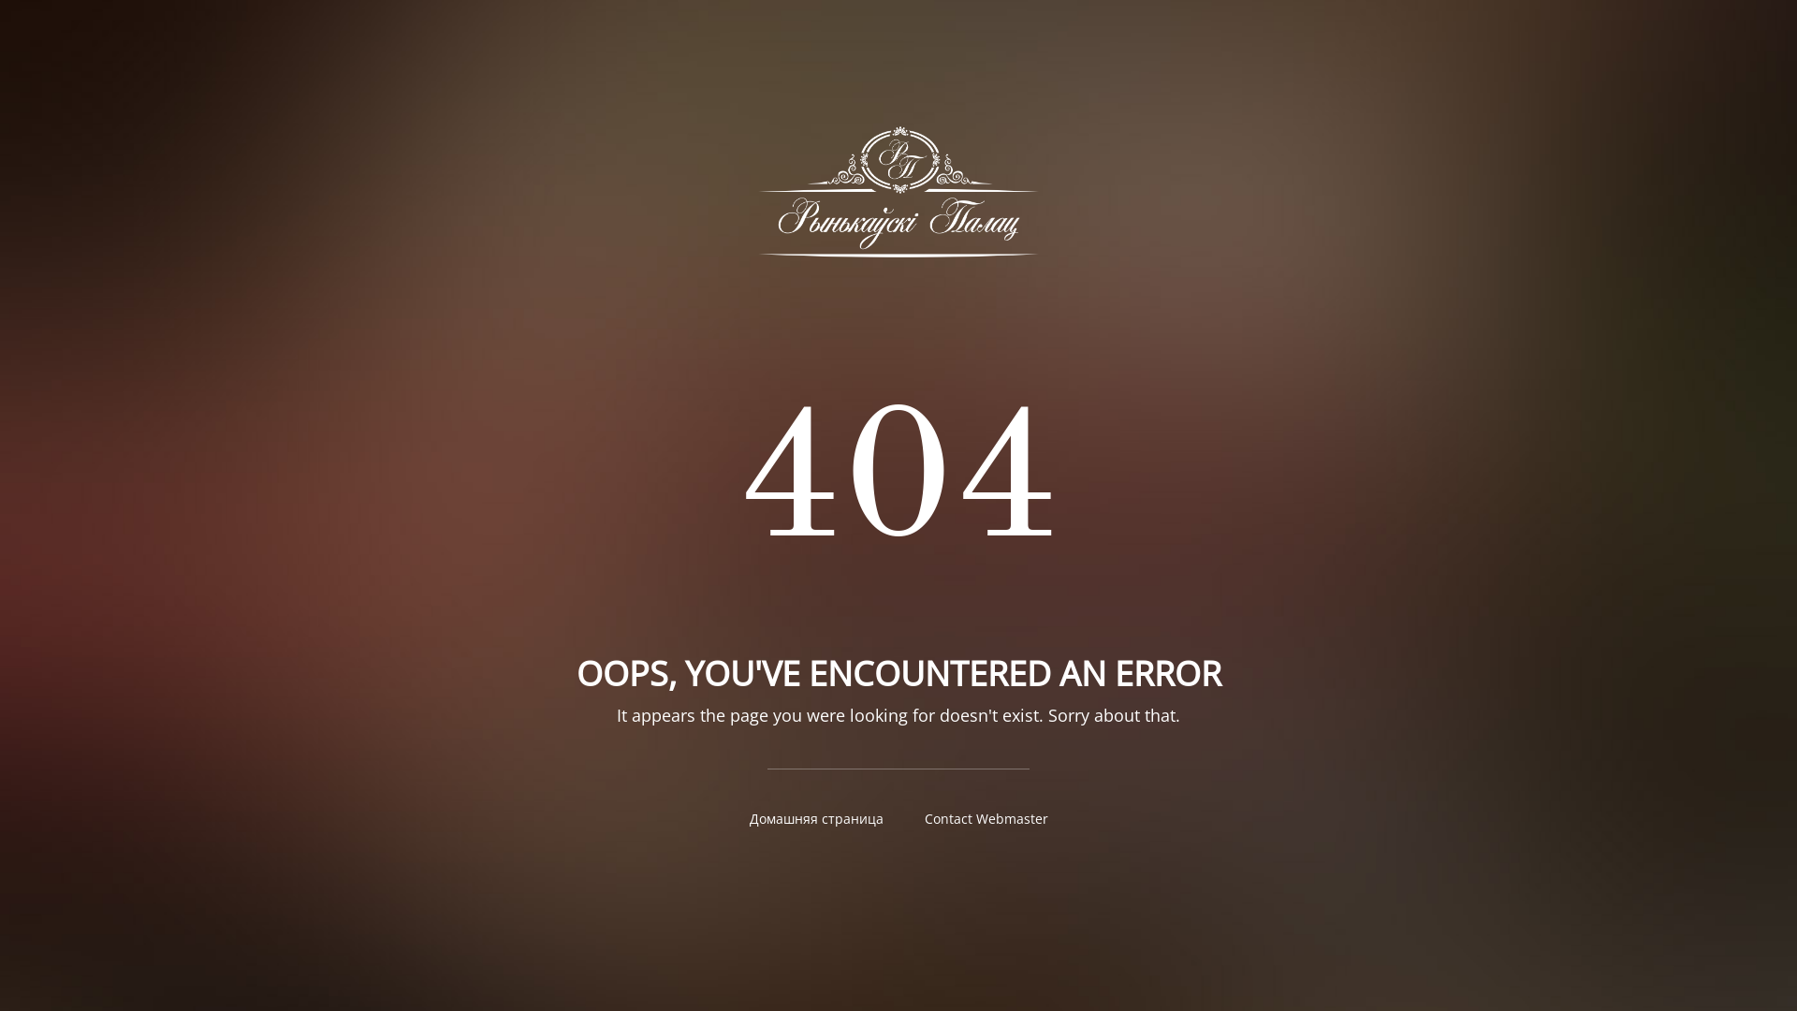 The height and width of the screenshot is (1011, 1797). I want to click on 'Contact Webmaster', so click(986, 817).